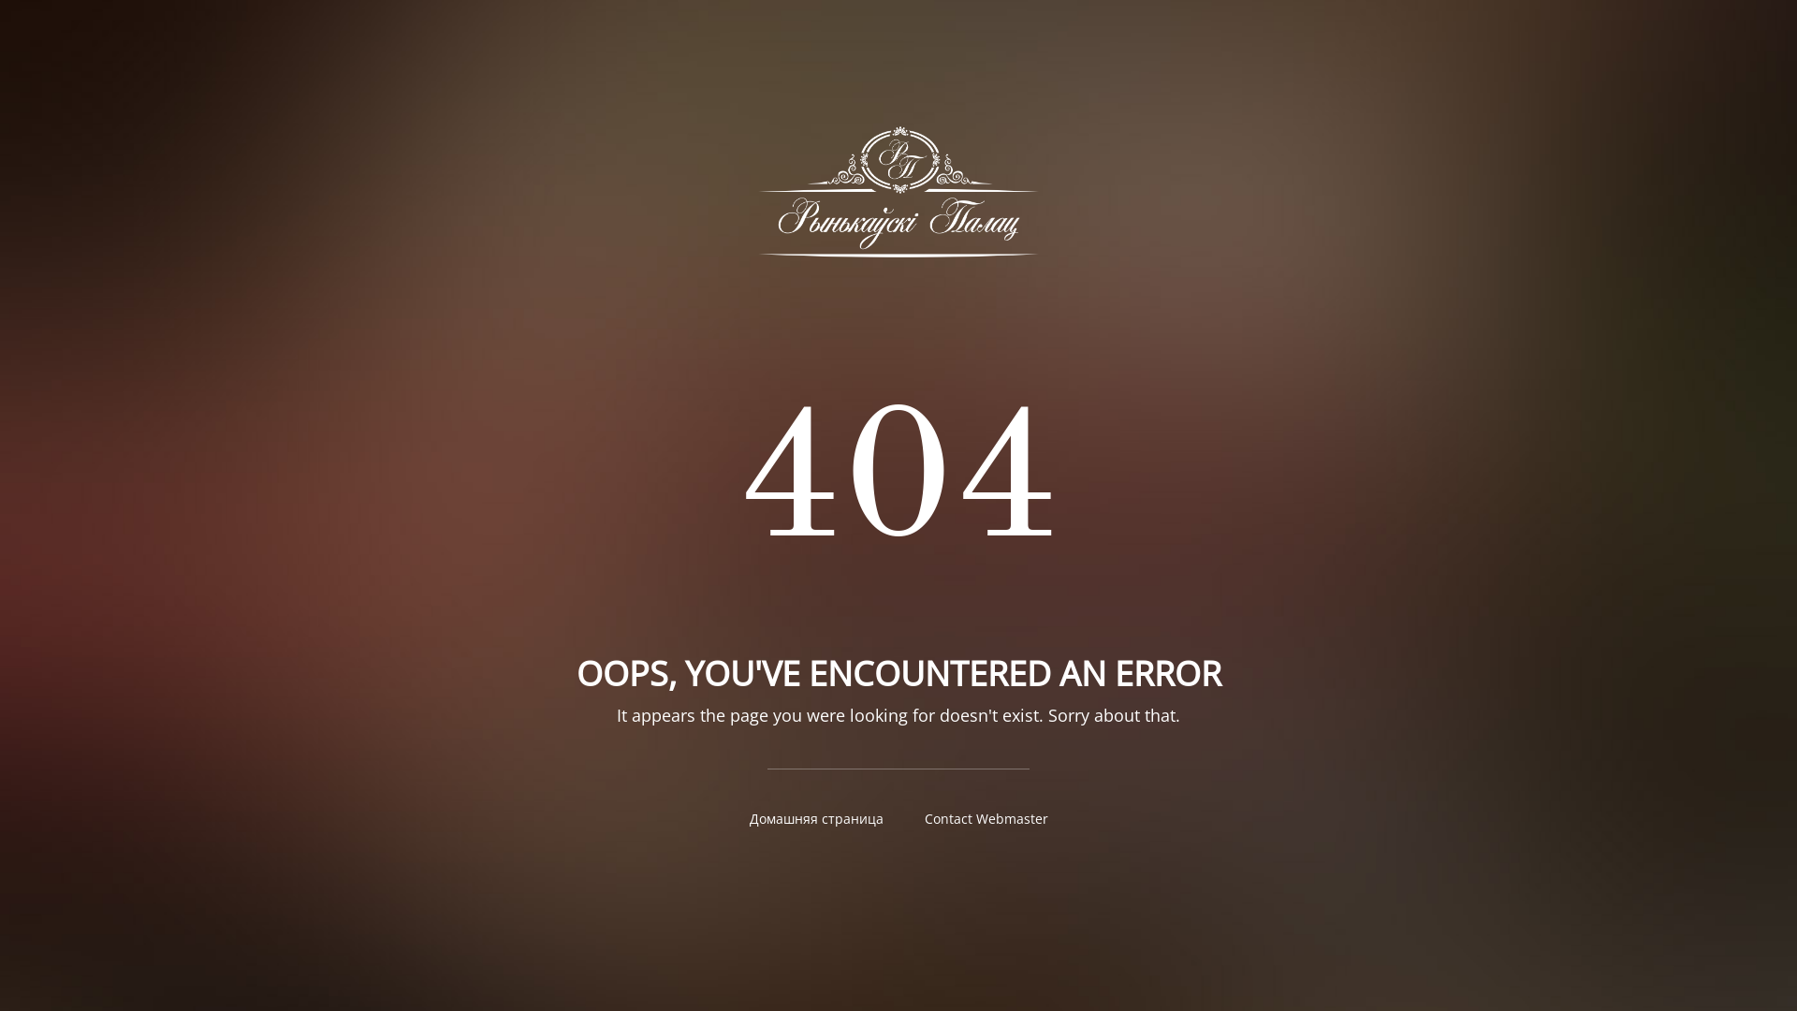 The height and width of the screenshot is (1011, 1797). I want to click on 'Contact Webmaster', so click(986, 817).